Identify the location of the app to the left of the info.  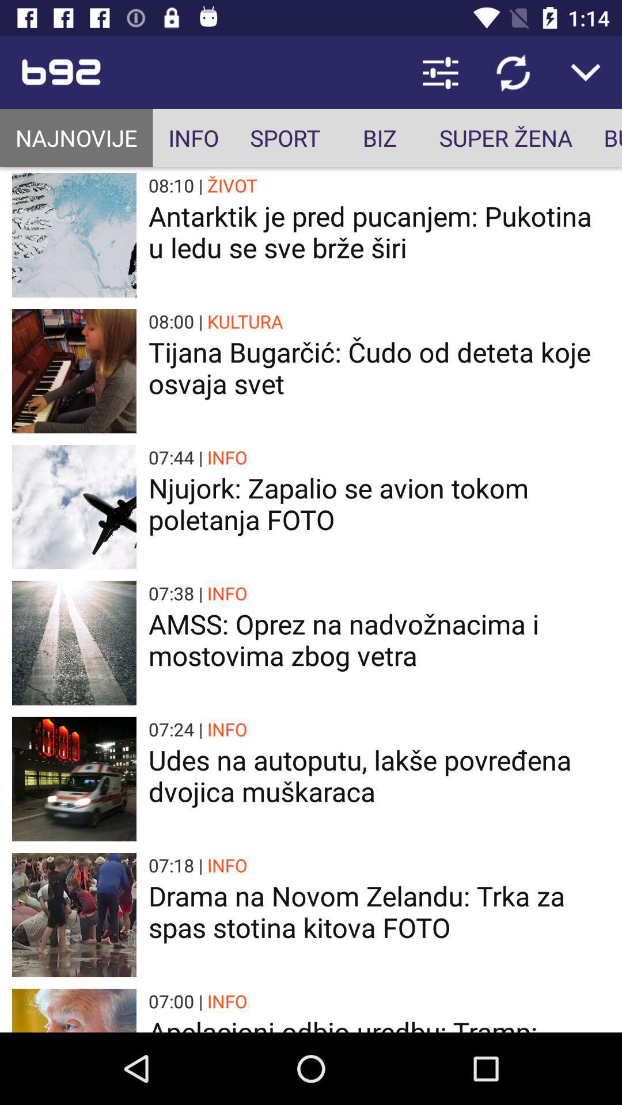
(76, 138).